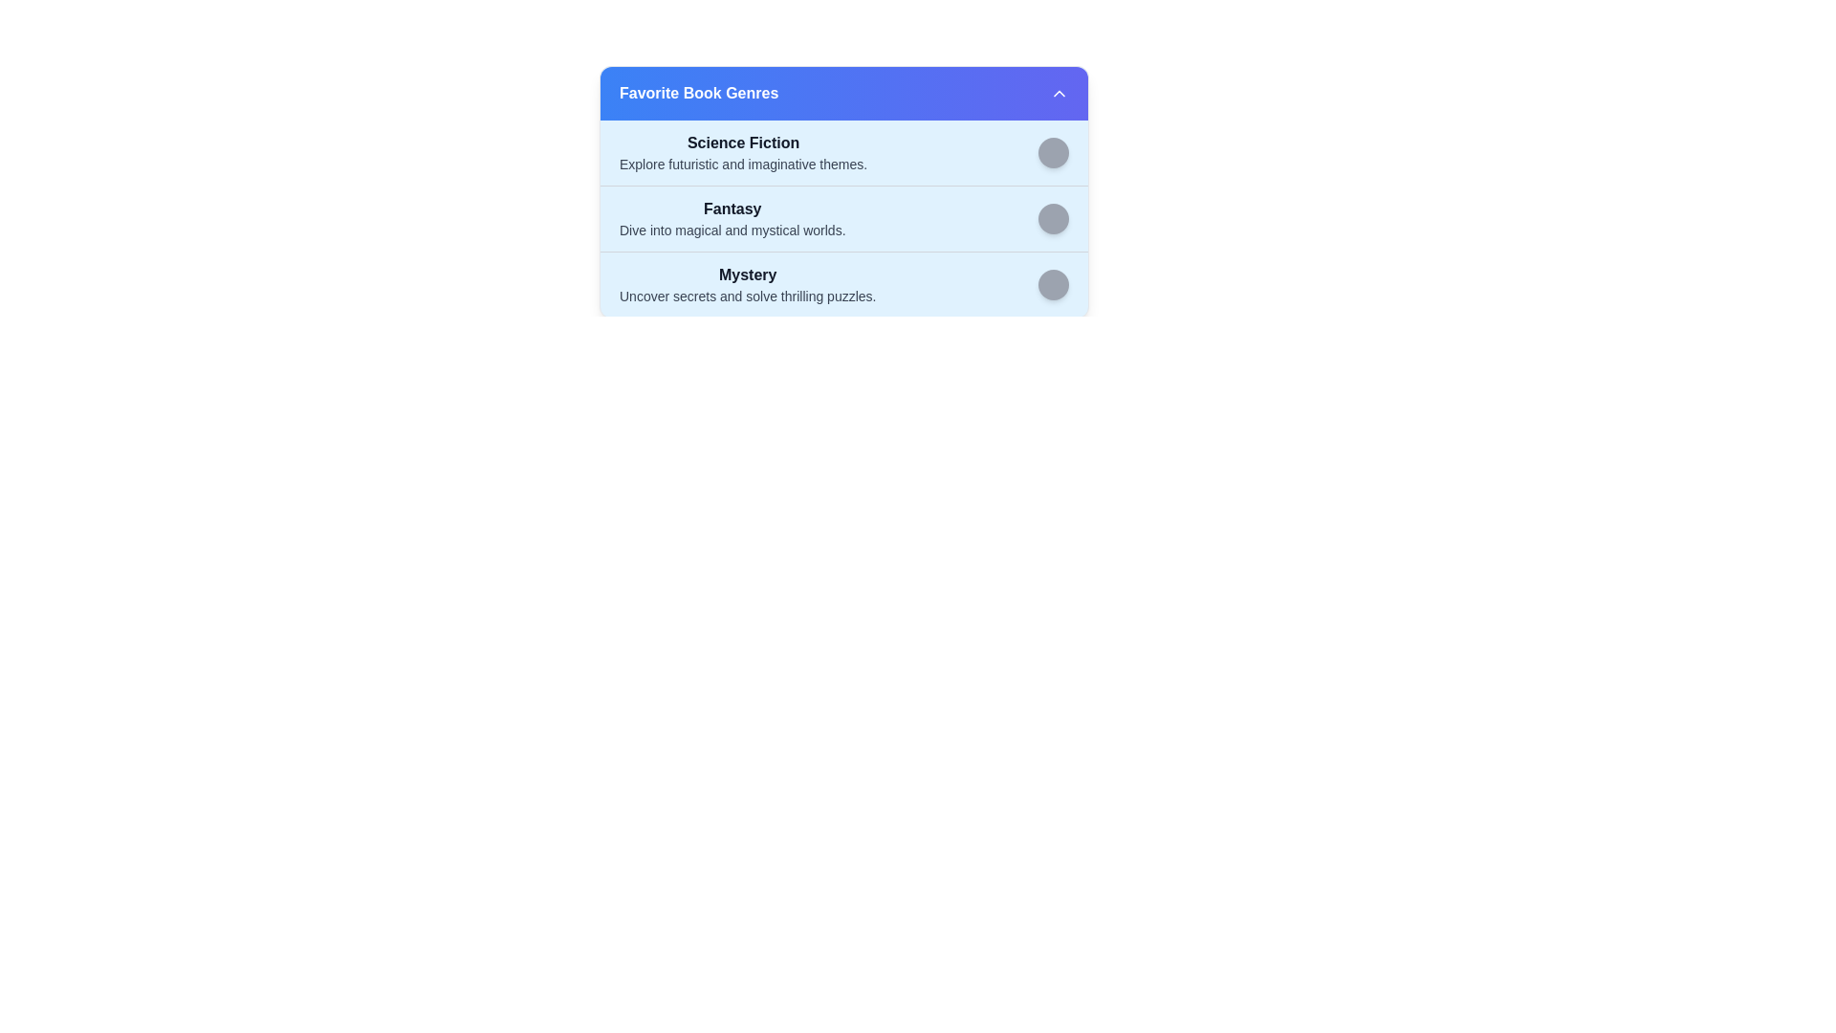 Image resolution: width=1836 pixels, height=1033 pixels. I want to click on the interactive button used, so click(1053, 217).